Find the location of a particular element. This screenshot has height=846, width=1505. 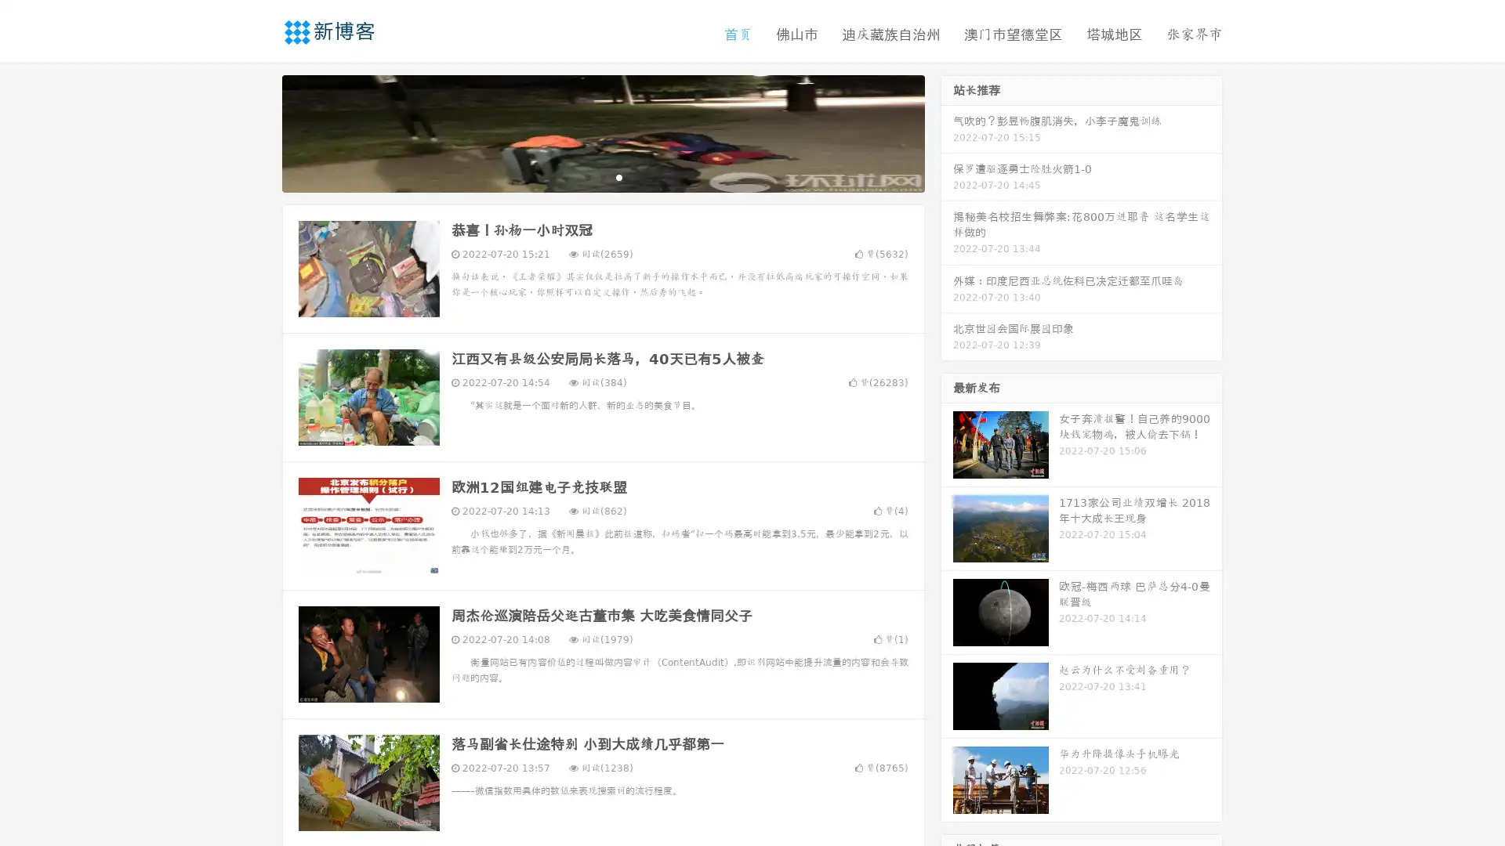

Go to slide 3 is located at coordinates (618, 176).